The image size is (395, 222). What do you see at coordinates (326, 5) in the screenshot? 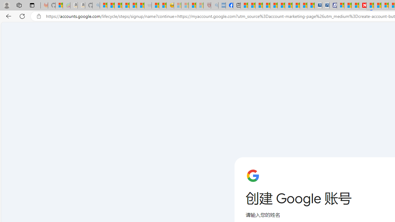
I see `'Cheap Hotels - Save70.com'` at bounding box center [326, 5].